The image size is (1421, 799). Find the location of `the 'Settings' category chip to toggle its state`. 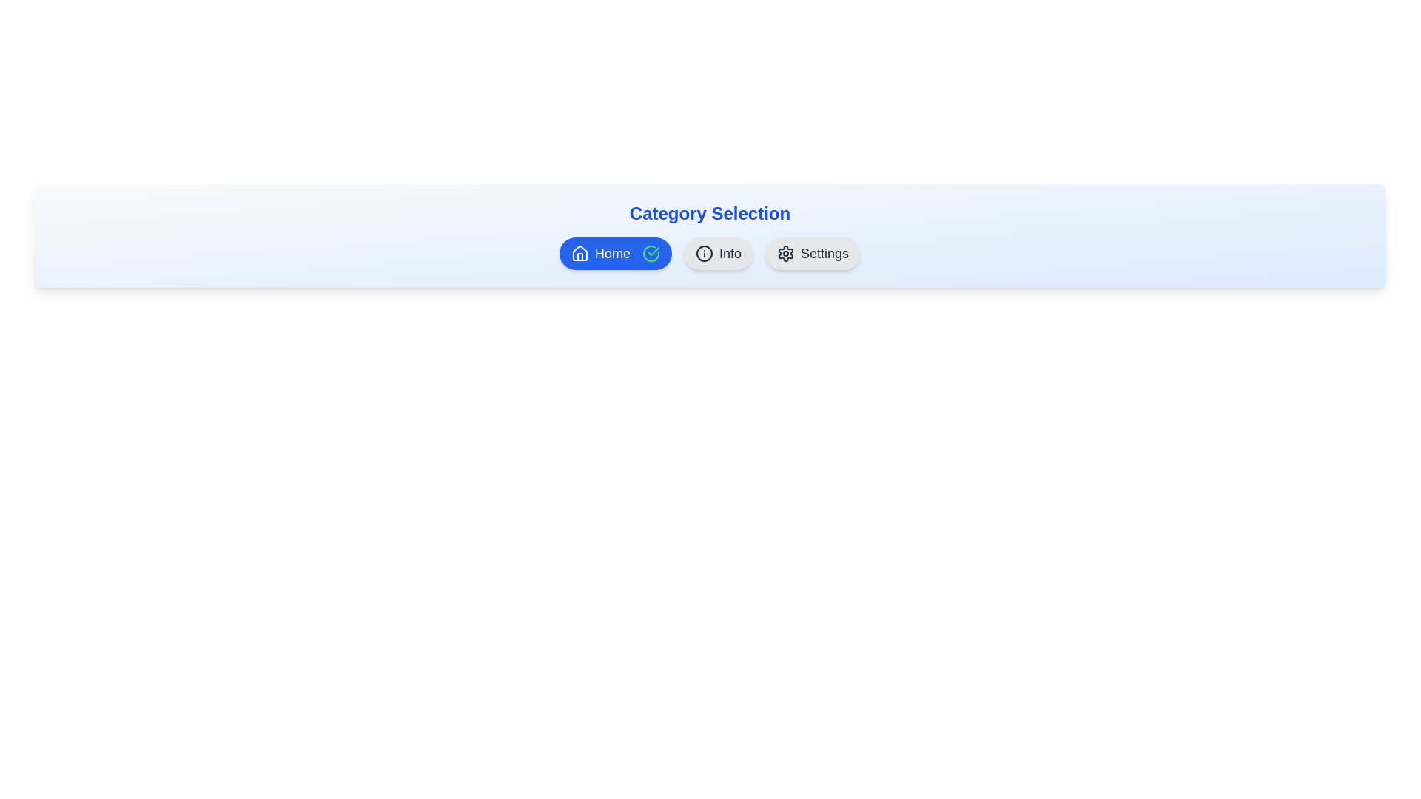

the 'Settings' category chip to toggle its state is located at coordinates (812, 253).